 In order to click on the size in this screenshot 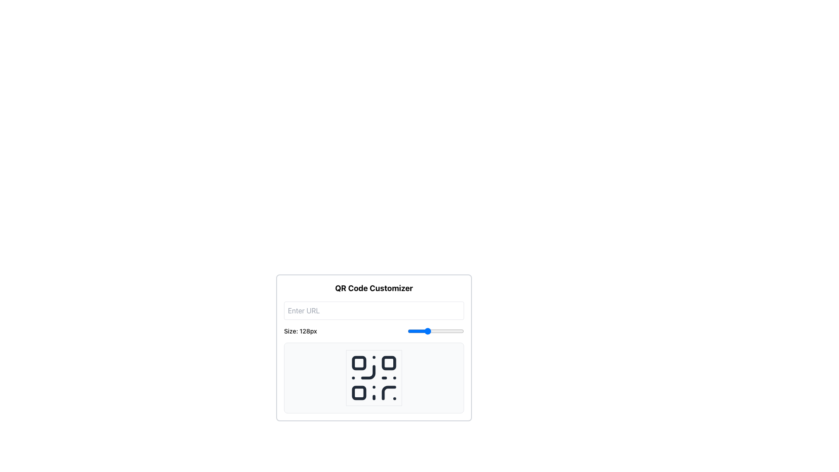, I will do `click(436, 331)`.